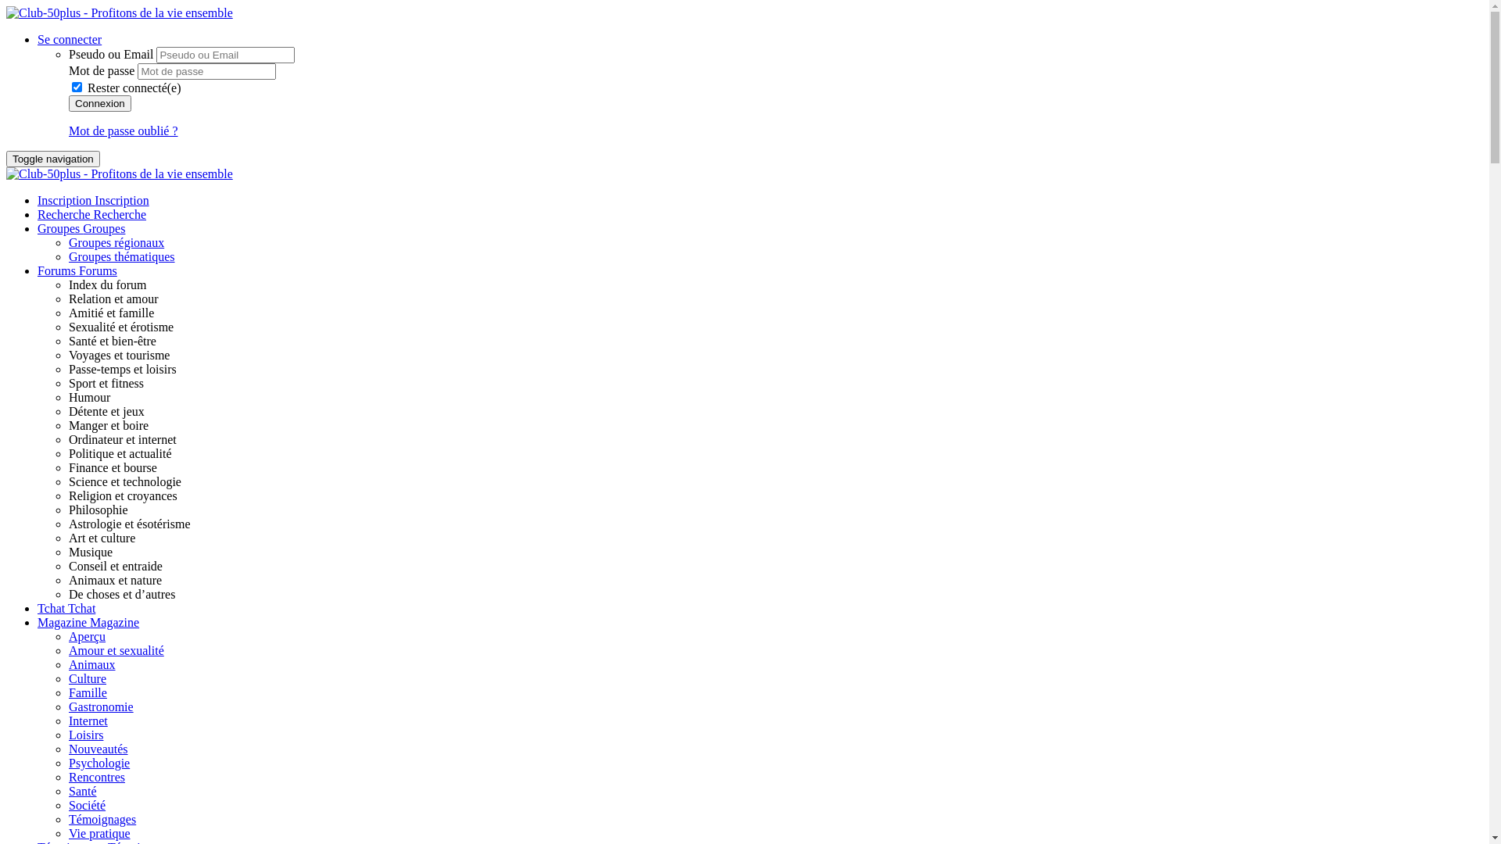 This screenshot has width=1501, height=844. What do you see at coordinates (98, 762) in the screenshot?
I see `'Psychologie'` at bounding box center [98, 762].